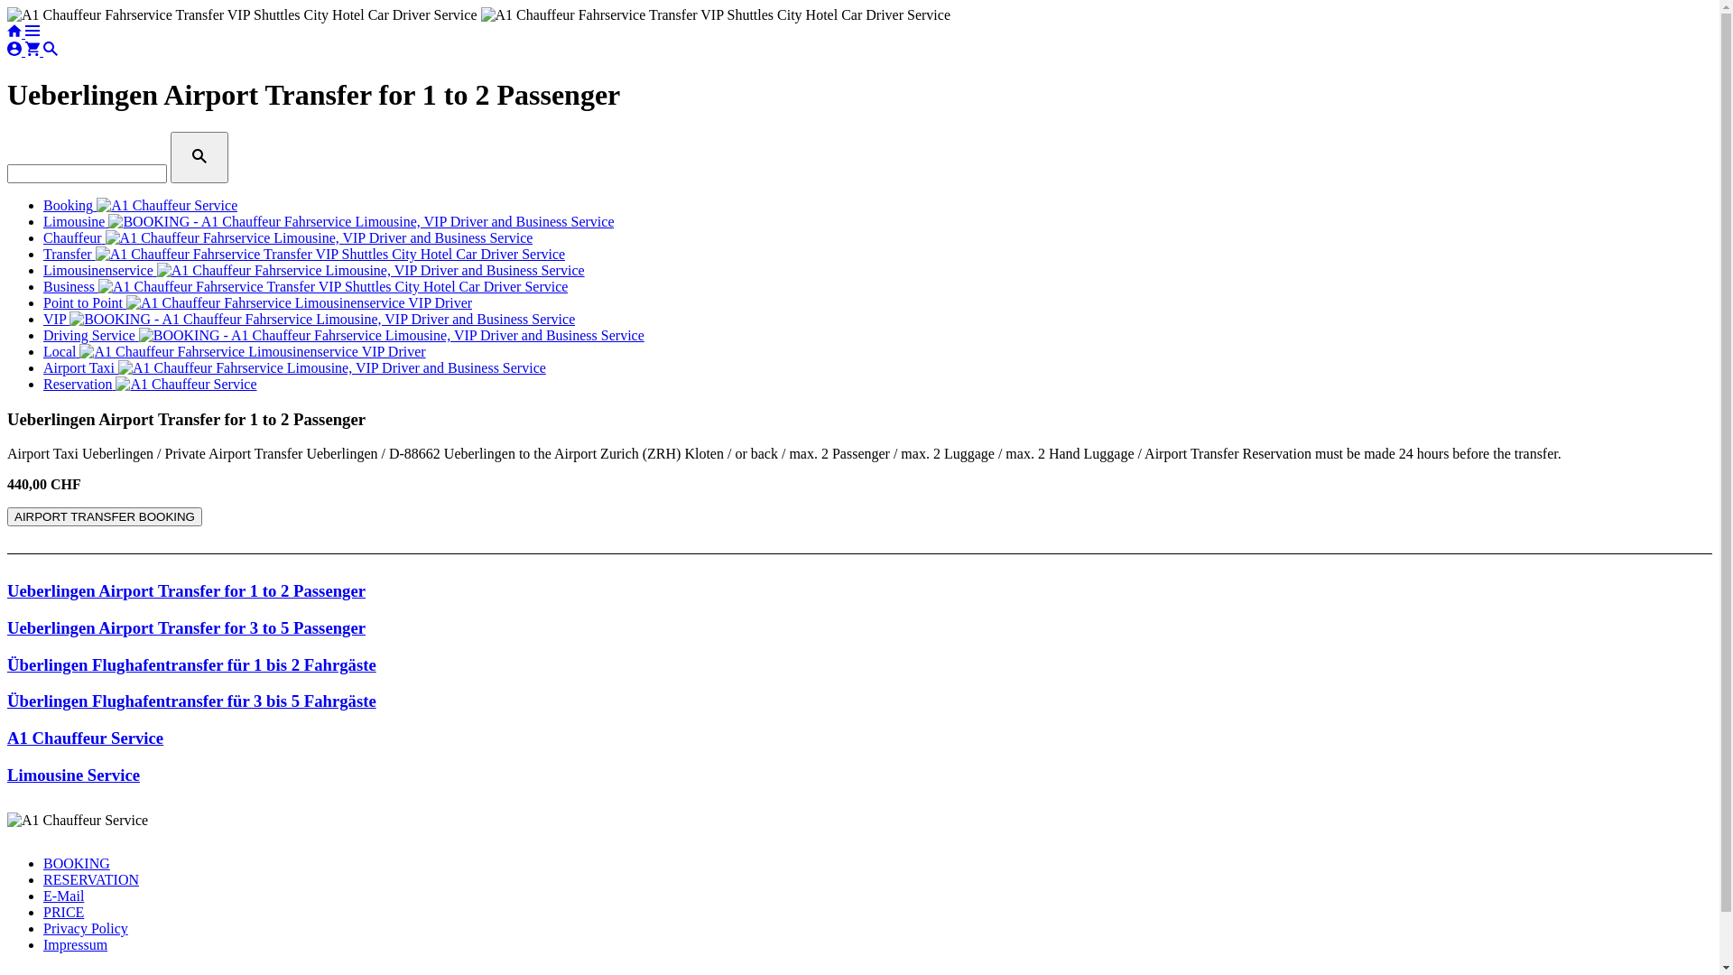 The image size is (1733, 975). What do you see at coordinates (305, 285) in the screenshot?
I see `'Business'` at bounding box center [305, 285].